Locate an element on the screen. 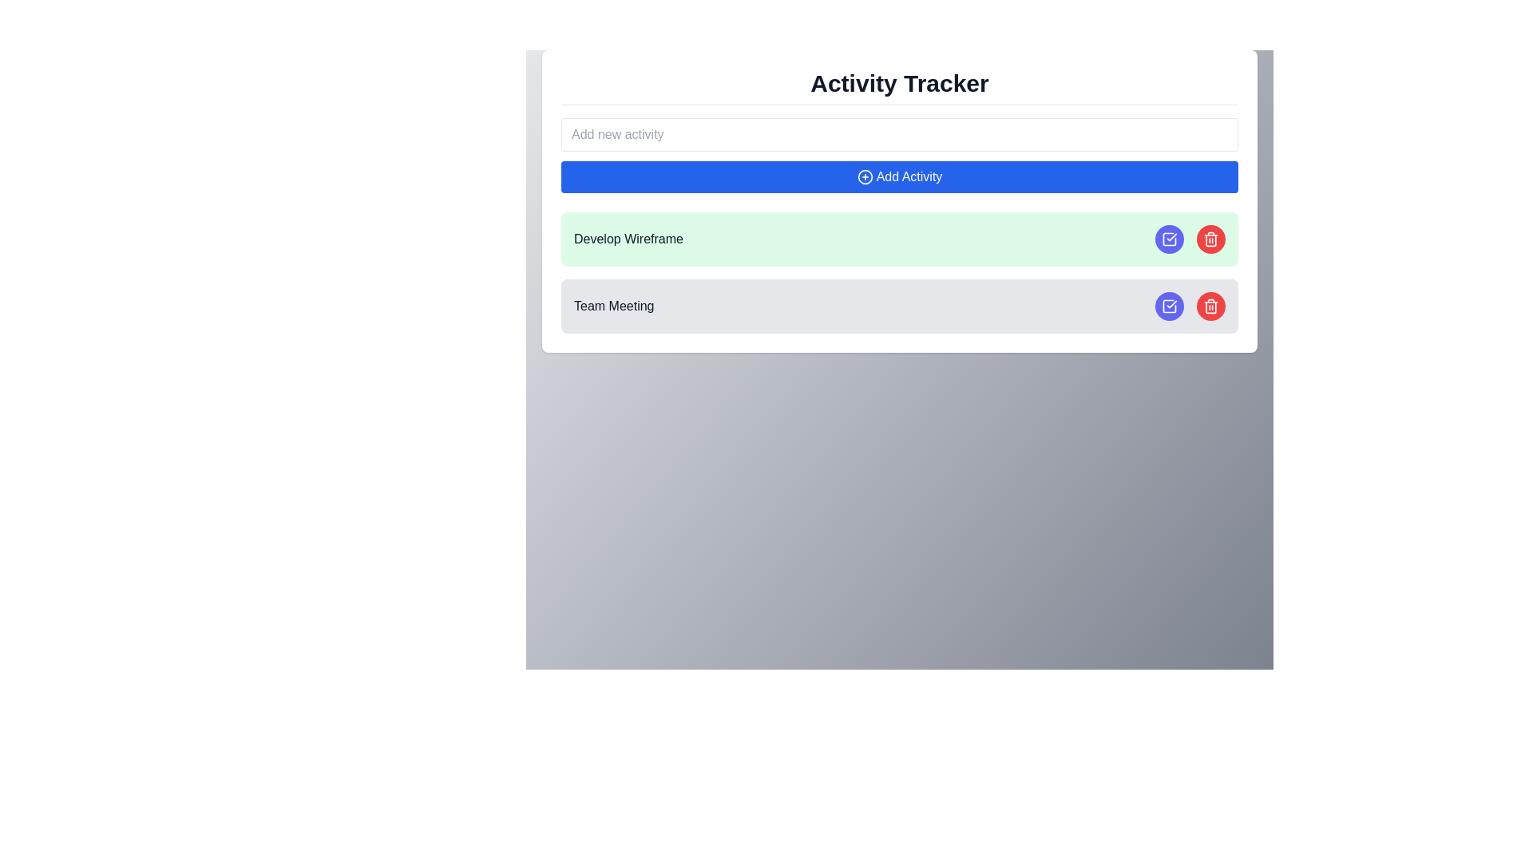 The width and height of the screenshot is (1533, 862). the trash icon inside the red circular button at the far right of the individual task entry is located at coordinates (1210, 306).